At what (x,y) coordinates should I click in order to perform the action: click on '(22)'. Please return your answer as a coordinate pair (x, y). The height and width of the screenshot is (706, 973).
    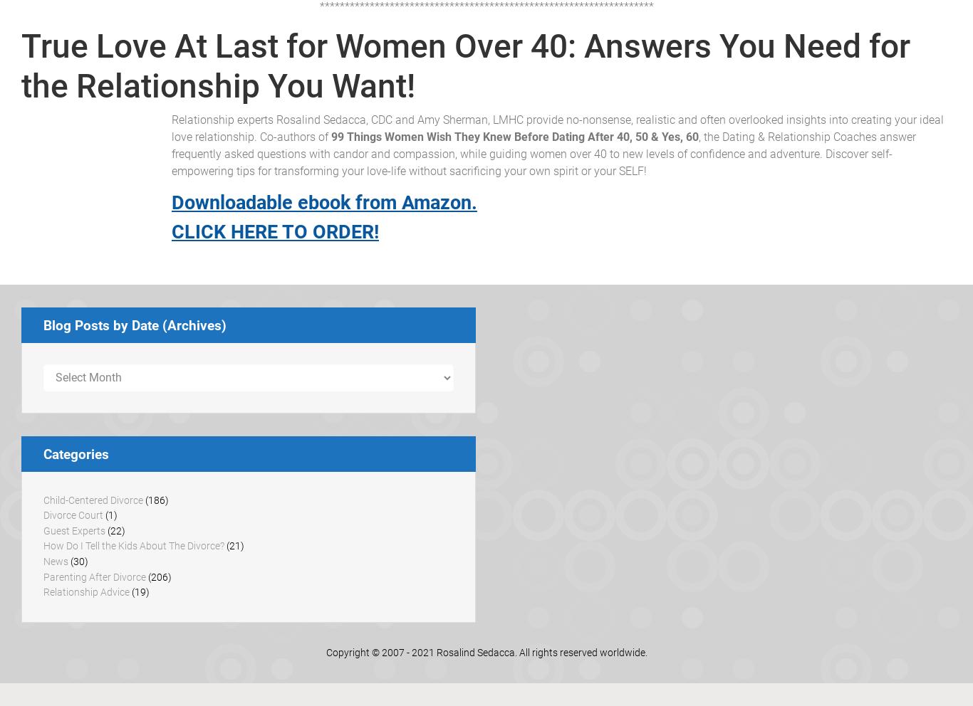
    Looking at the image, I should click on (115, 529).